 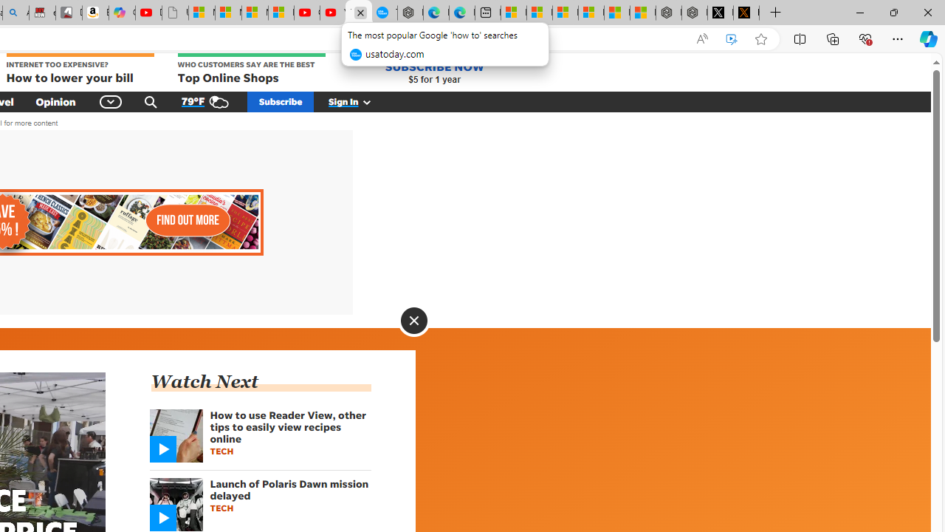 What do you see at coordinates (111, 100) in the screenshot?
I see `'Global Navigation'` at bounding box center [111, 100].